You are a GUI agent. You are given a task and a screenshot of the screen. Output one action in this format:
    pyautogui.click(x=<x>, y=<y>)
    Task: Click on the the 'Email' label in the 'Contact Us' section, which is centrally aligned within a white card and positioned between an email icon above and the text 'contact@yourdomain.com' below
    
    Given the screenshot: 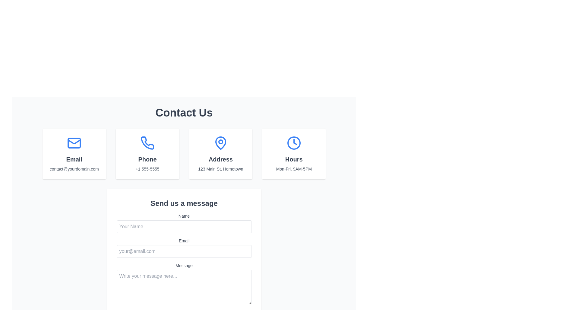 What is the action you would take?
    pyautogui.click(x=74, y=159)
    